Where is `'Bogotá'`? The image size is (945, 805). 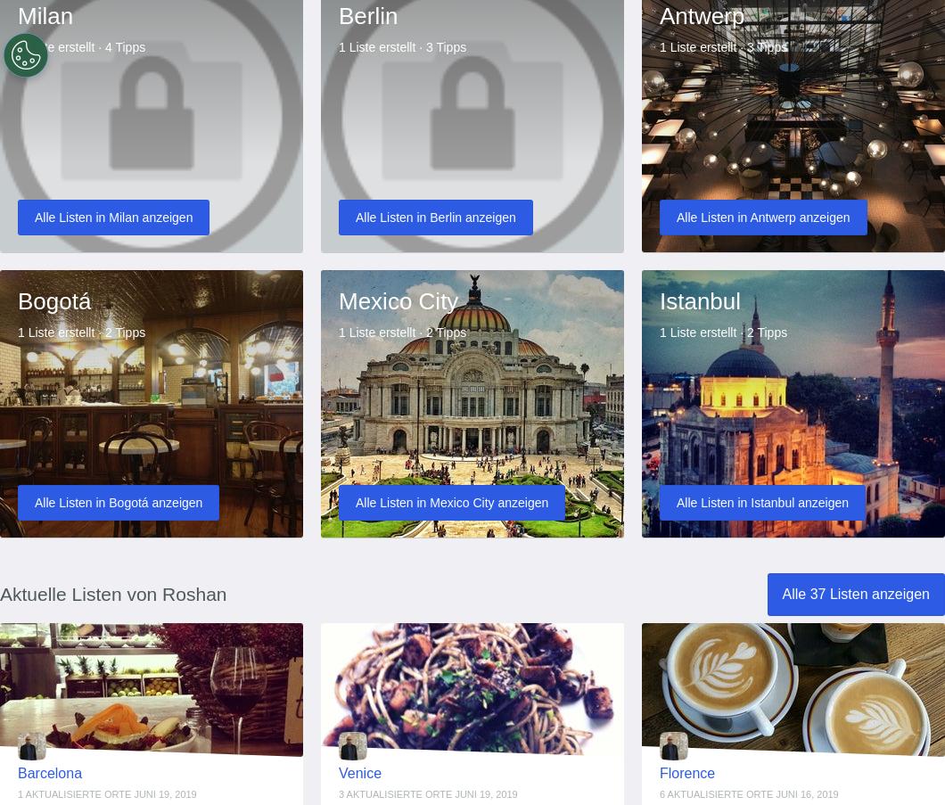
'Bogotá' is located at coordinates (53, 300).